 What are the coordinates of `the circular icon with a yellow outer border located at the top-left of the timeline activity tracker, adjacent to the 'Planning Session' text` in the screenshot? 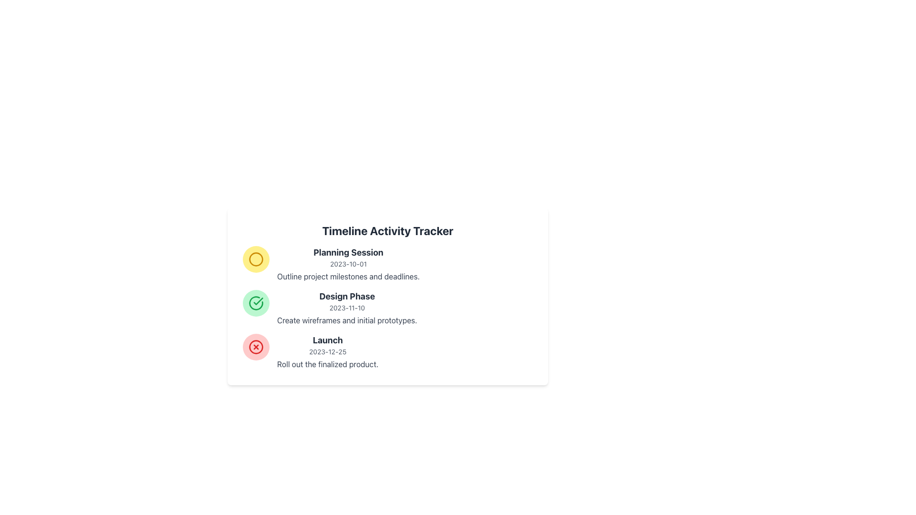 It's located at (256, 259).